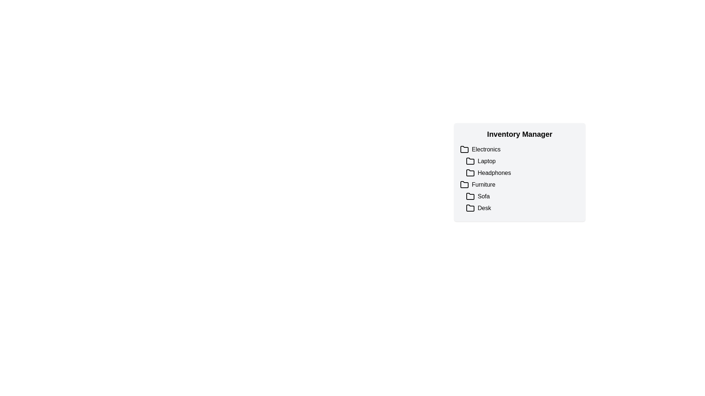 This screenshot has width=705, height=396. I want to click on to select the List item with icons under the 'Furniture' category in the inventory manager interface, so click(522, 202).